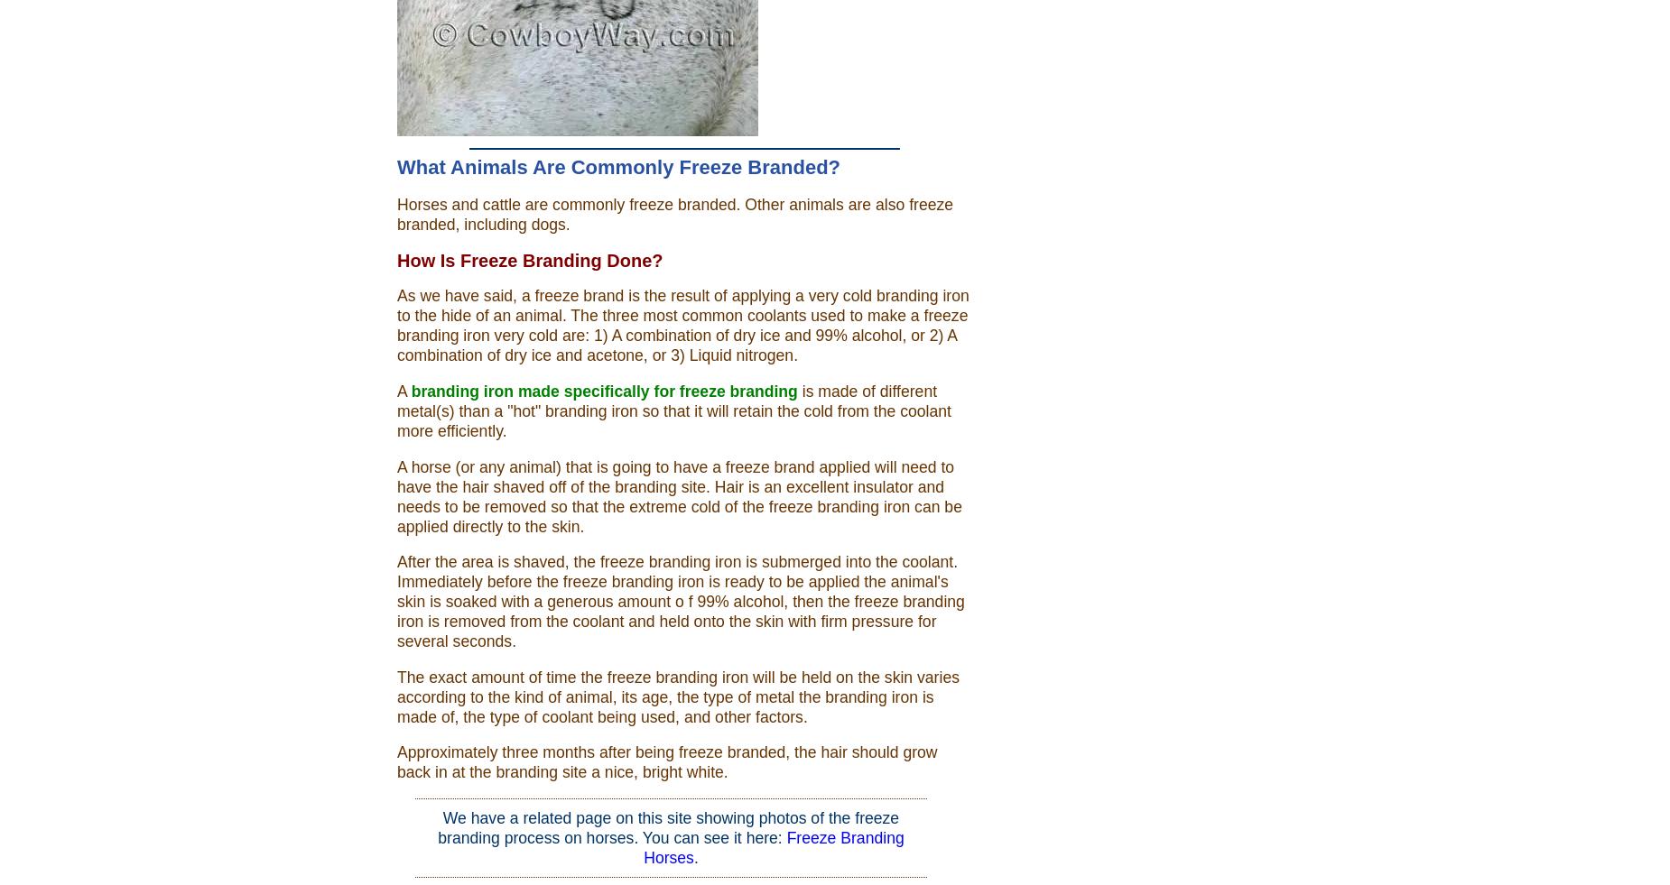  What do you see at coordinates (681, 601) in the screenshot?
I see `'After the area is shaved, the freeze branding iron is submerged into
the coolant. Immediately before the freeze branding iron is ready to be
applied the animal's skin is soaked with a generous amount o
f 99% alcohol, then the freeze branding iron is removed from the
coolant and held onto the skin with firm pressure for several
seconds.'` at bounding box center [681, 601].